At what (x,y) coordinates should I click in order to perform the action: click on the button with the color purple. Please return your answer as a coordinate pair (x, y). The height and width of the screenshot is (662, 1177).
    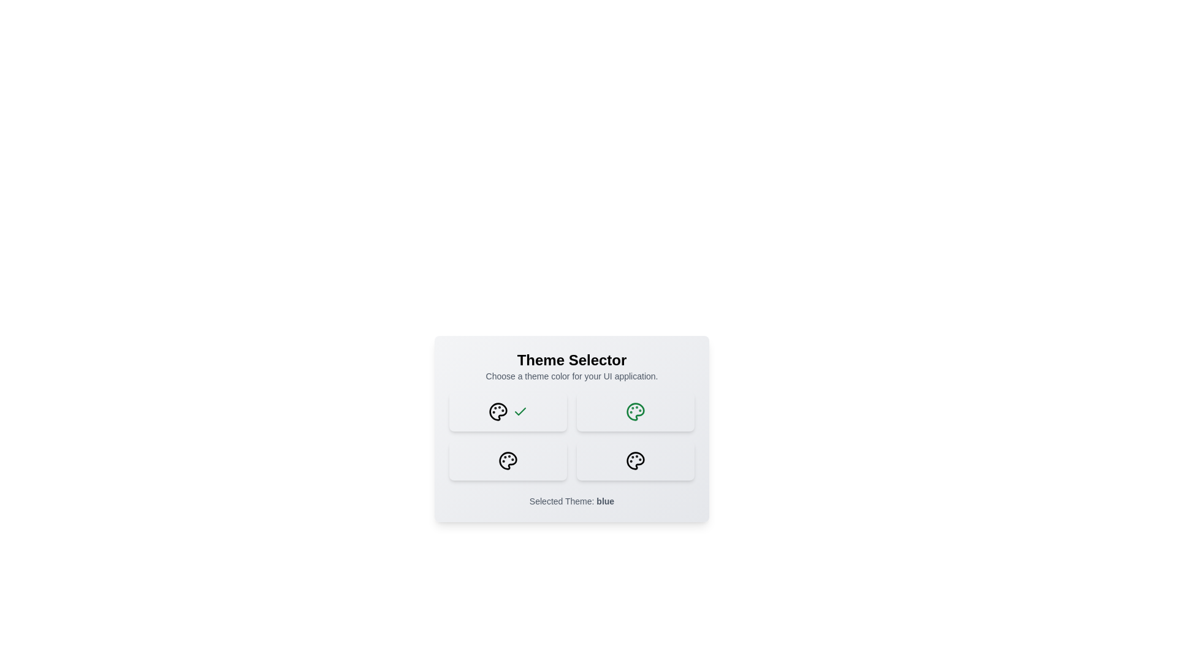
    Looking at the image, I should click on (508, 461).